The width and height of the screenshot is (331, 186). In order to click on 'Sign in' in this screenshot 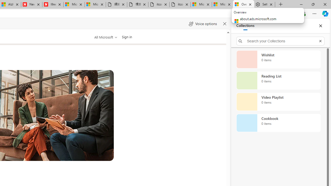, I will do `click(127, 36)`.